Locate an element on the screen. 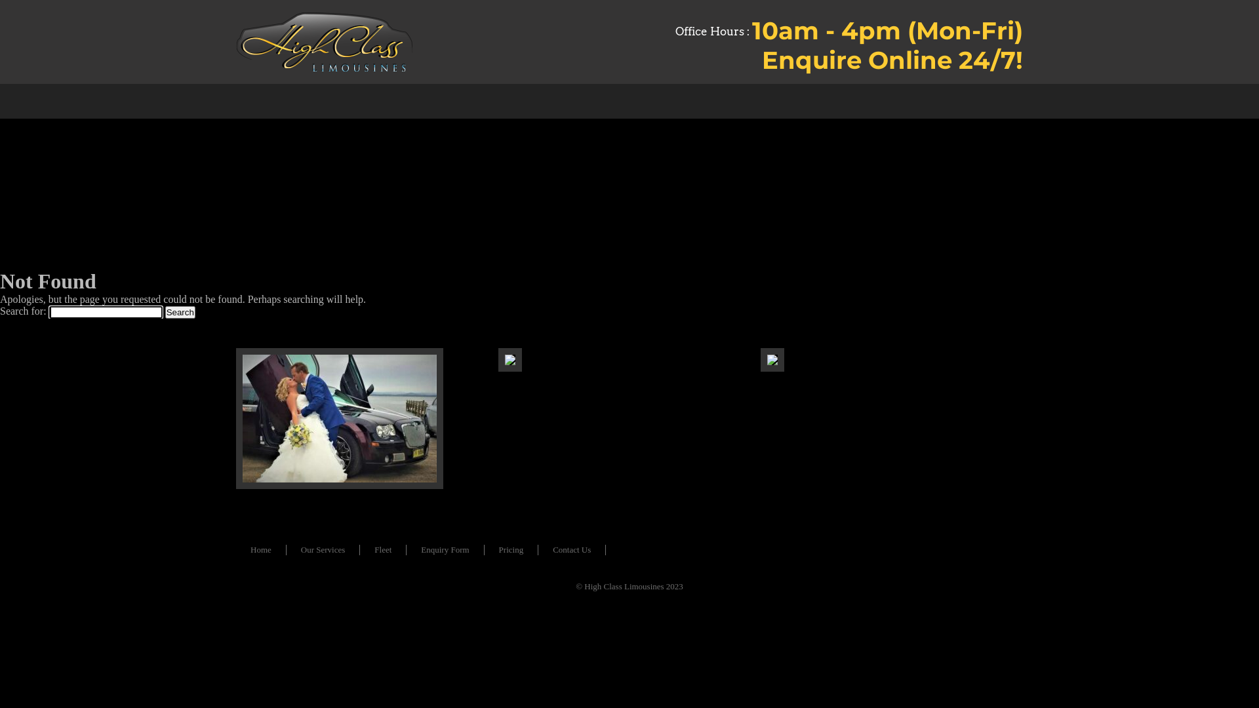 The height and width of the screenshot is (708, 1259). 'Pricing' is located at coordinates (510, 550).